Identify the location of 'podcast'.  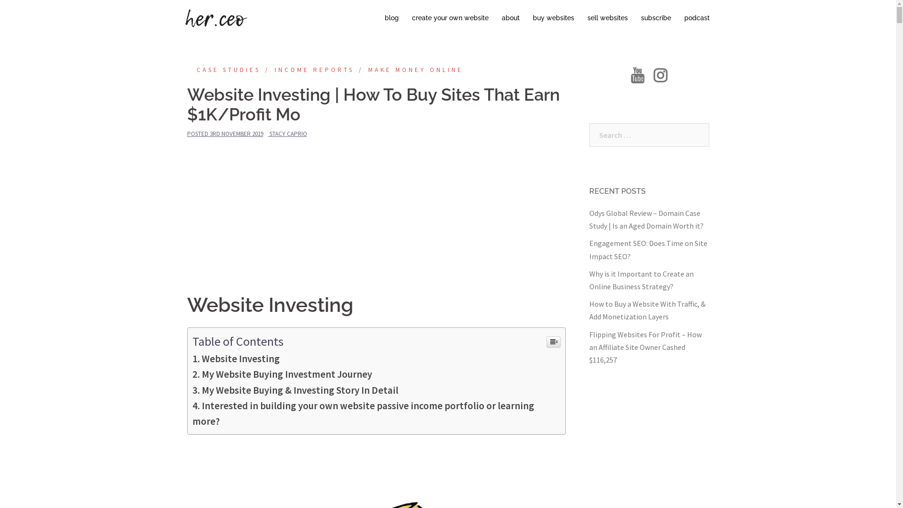
(684, 18).